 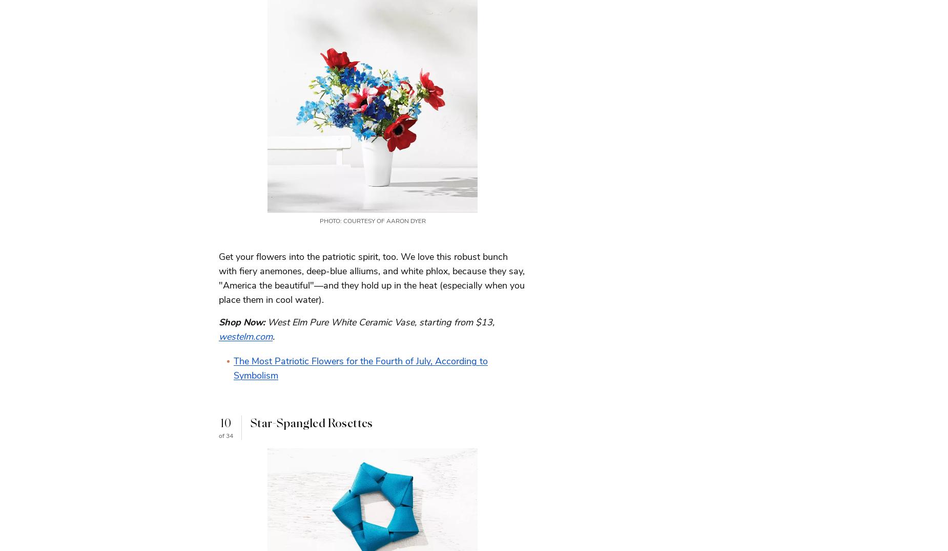 What do you see at coordinates (225, 423) in the screenshot?
I see `'10'` at bounding box center [225, 423].